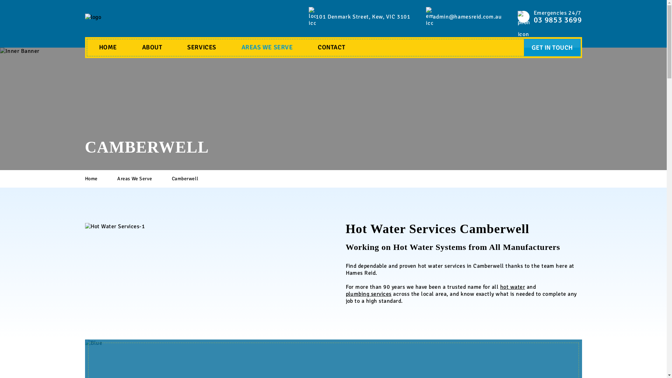  Describe the element at coordinates (100, 178) in the screenshot. I see `'Home'` at that location.